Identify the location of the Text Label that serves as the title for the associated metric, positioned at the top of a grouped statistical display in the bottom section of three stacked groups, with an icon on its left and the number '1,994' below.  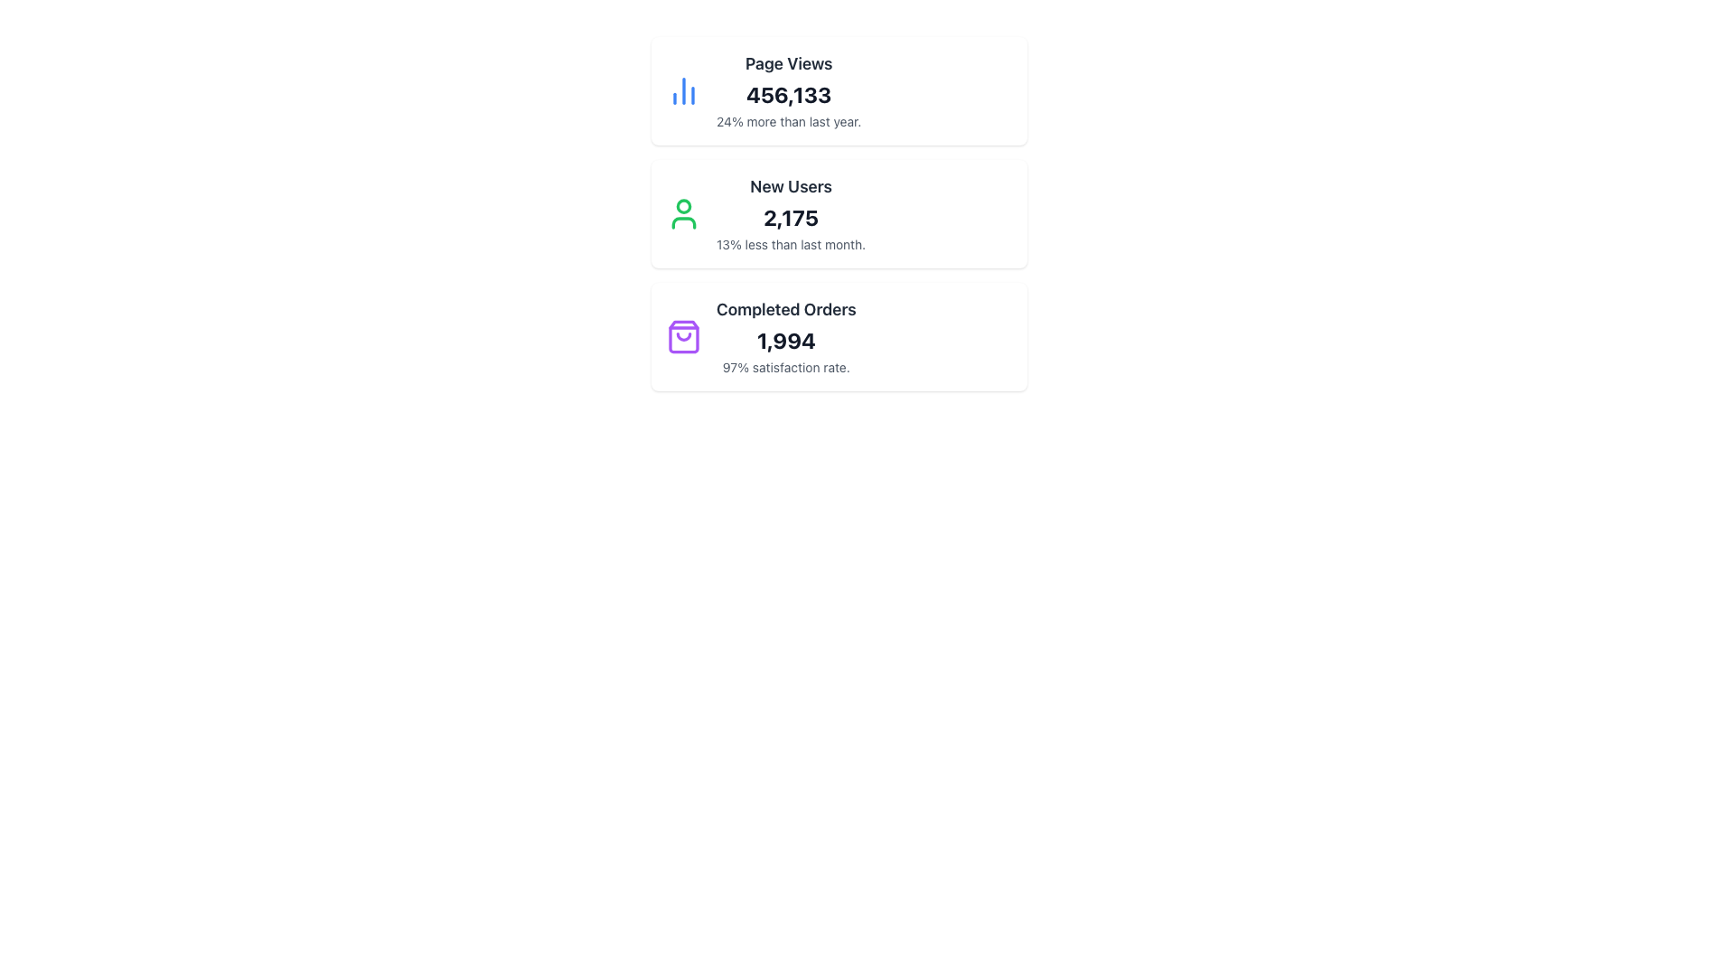
(786, 309).